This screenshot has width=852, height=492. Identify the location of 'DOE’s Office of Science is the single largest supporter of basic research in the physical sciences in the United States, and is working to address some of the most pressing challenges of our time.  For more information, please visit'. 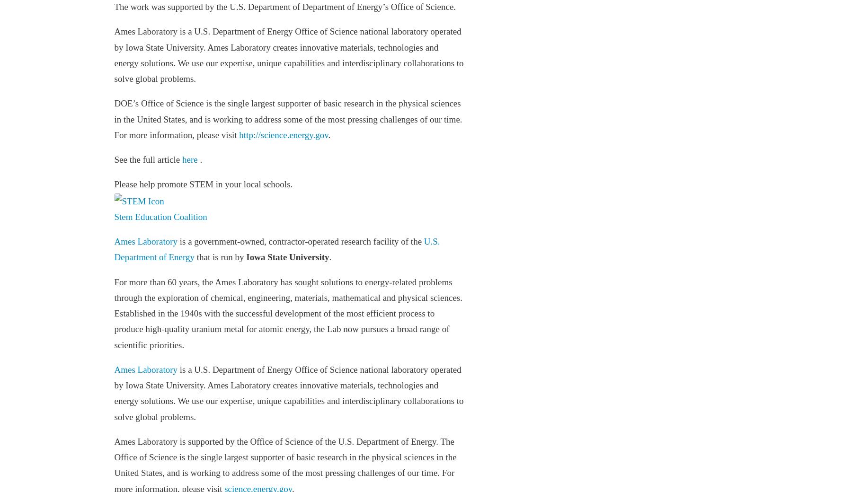
(114, 119).